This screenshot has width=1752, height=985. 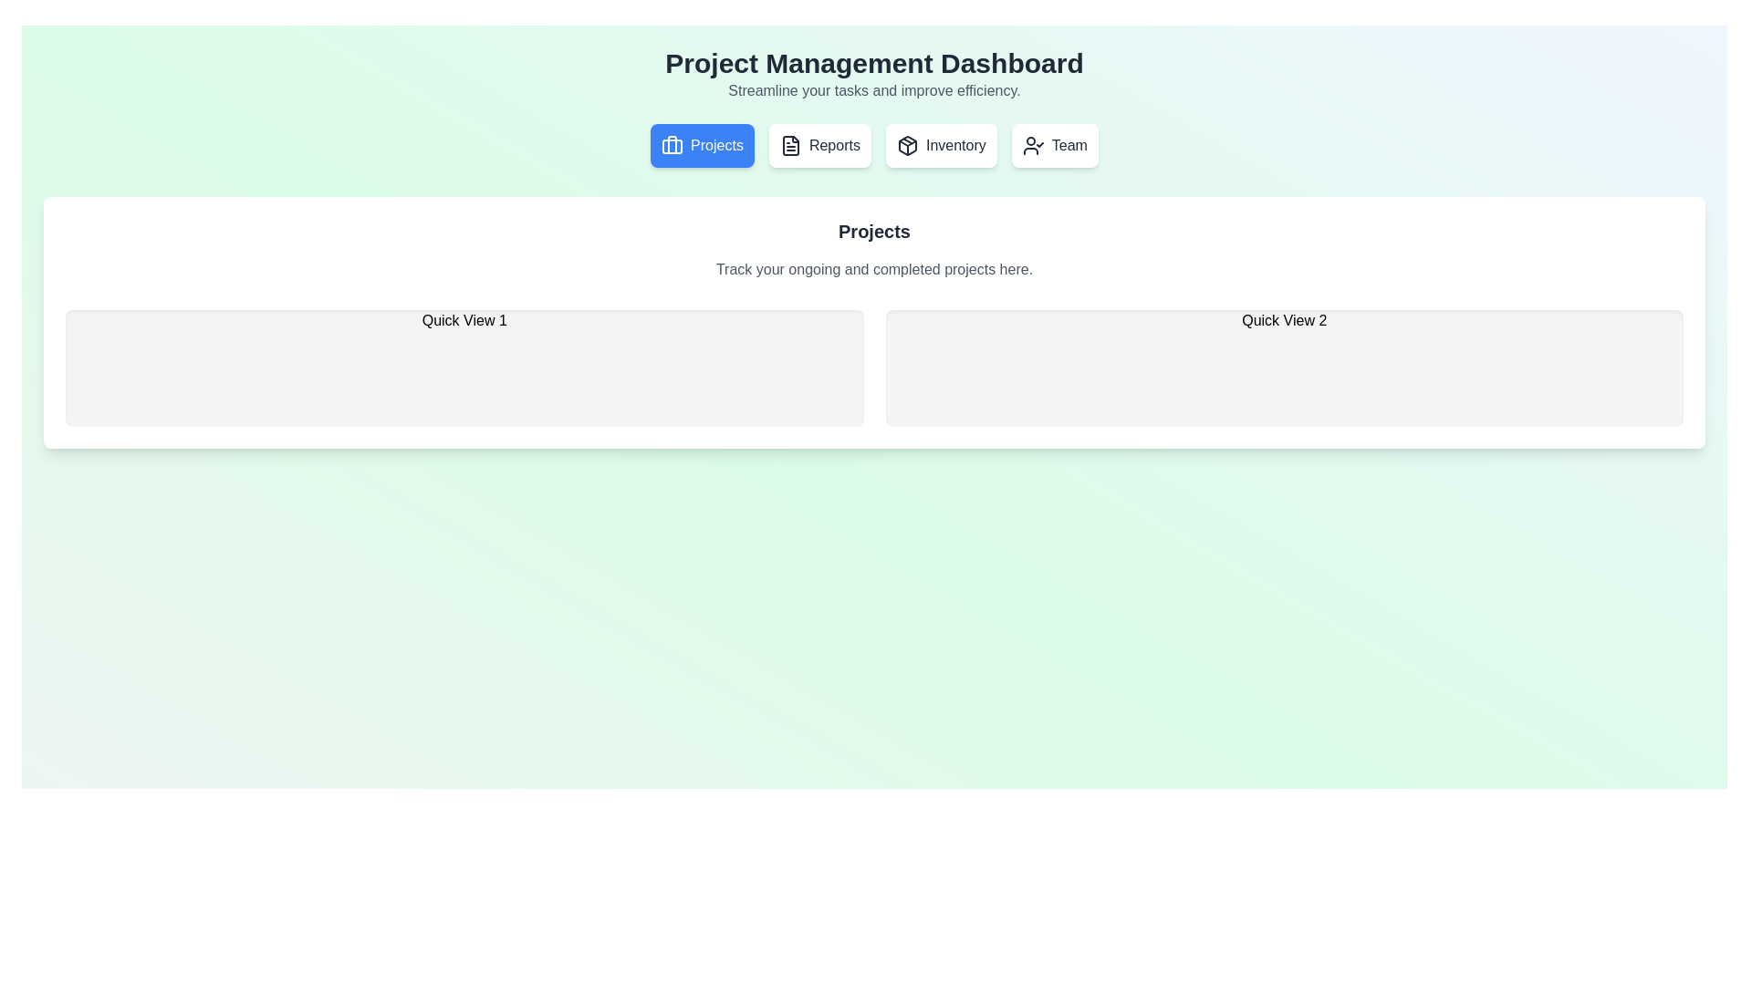 I want to click on the large heading text element that displays 'Project Management Dashboard', which is styled in bold, 3xl font and located at the top of the page, so click(x=873, y=62).